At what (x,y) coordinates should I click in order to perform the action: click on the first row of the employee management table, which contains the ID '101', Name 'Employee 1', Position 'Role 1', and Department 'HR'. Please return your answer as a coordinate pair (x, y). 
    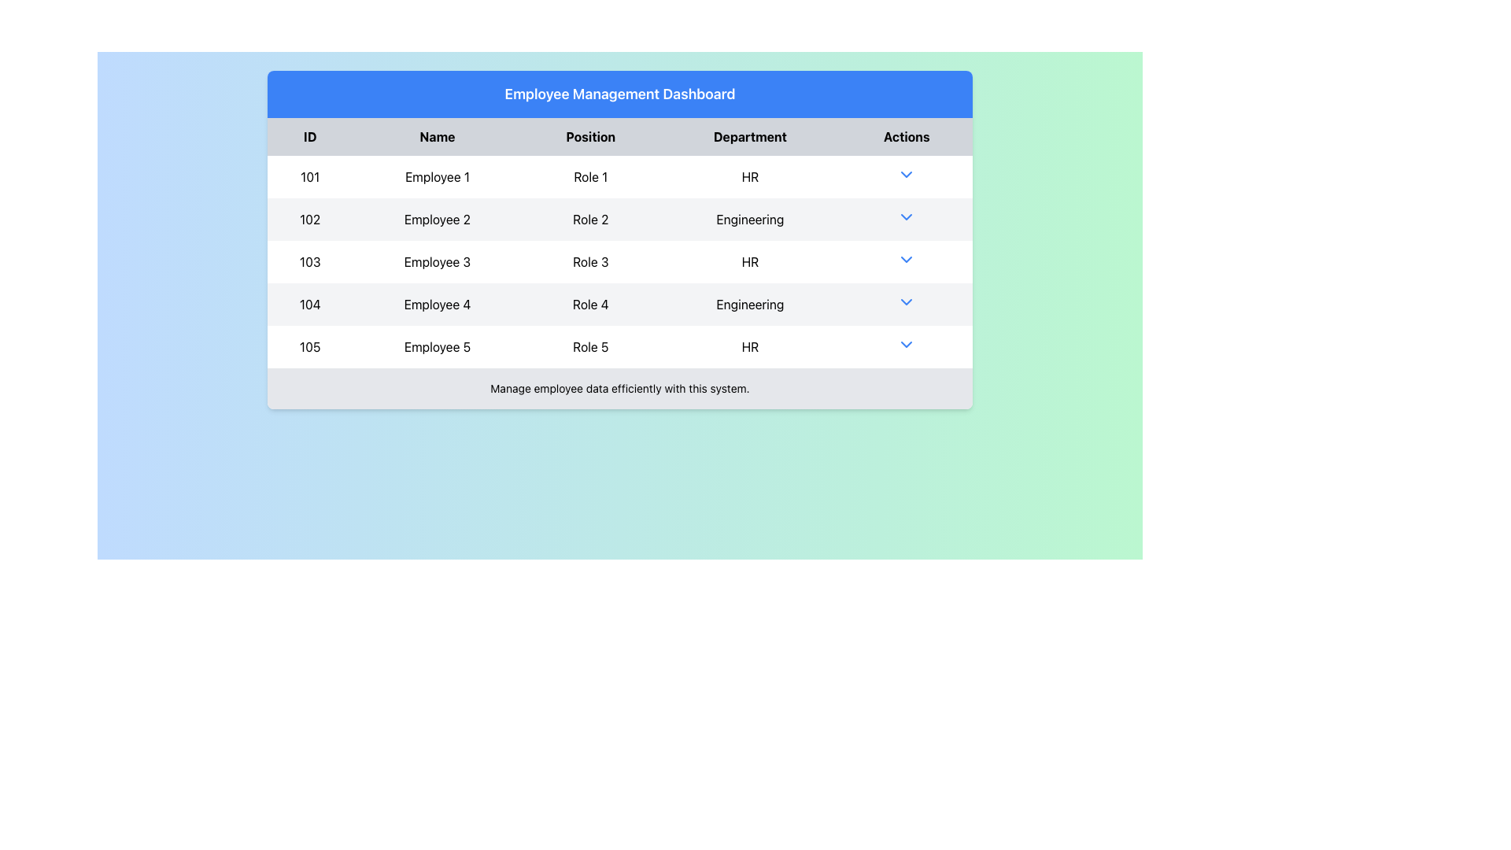
    Looking at the image, I should click on (619, 176).